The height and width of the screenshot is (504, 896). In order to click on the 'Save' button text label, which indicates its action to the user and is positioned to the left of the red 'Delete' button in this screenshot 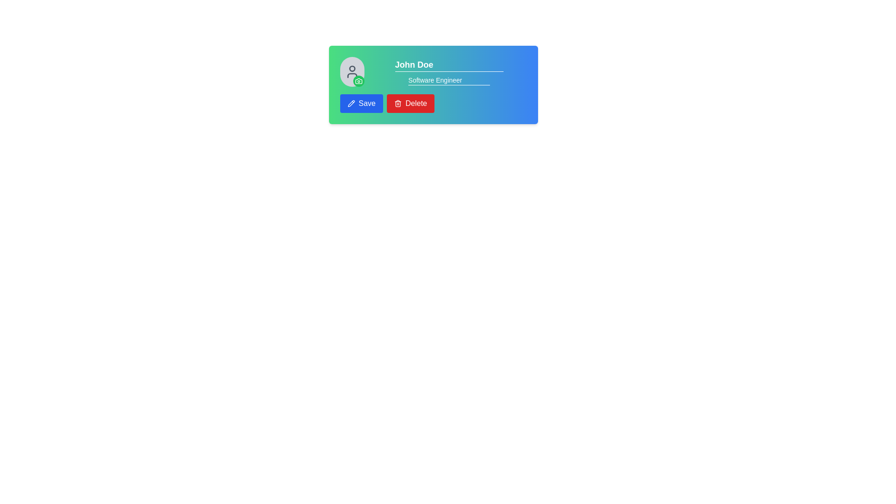, I will do `click(366, 104)`.